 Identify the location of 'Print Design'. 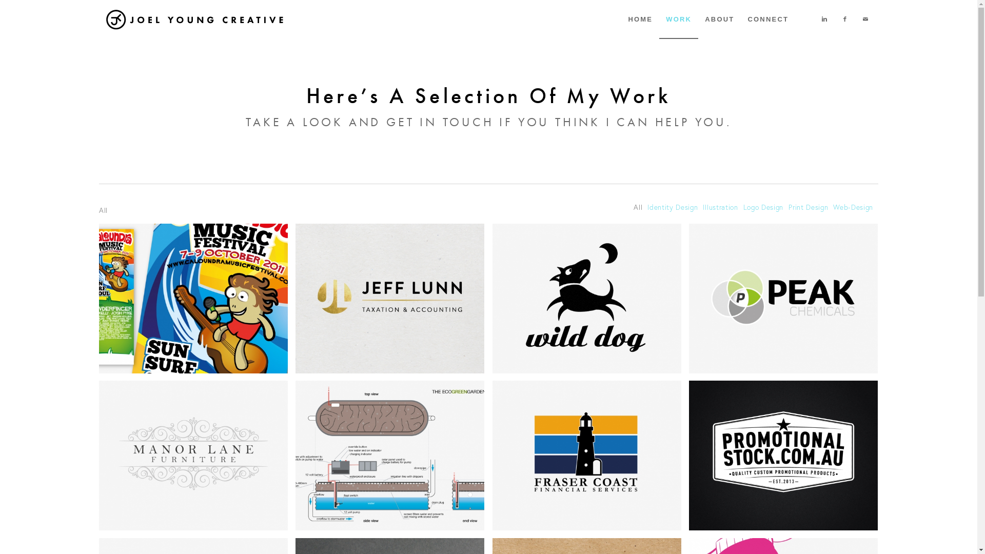
(787, 208).